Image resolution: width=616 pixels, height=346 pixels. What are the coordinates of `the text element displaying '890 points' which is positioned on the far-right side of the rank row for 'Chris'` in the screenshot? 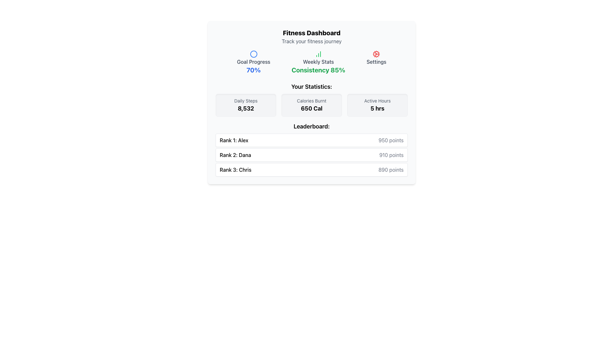 It's located at (390, 169).